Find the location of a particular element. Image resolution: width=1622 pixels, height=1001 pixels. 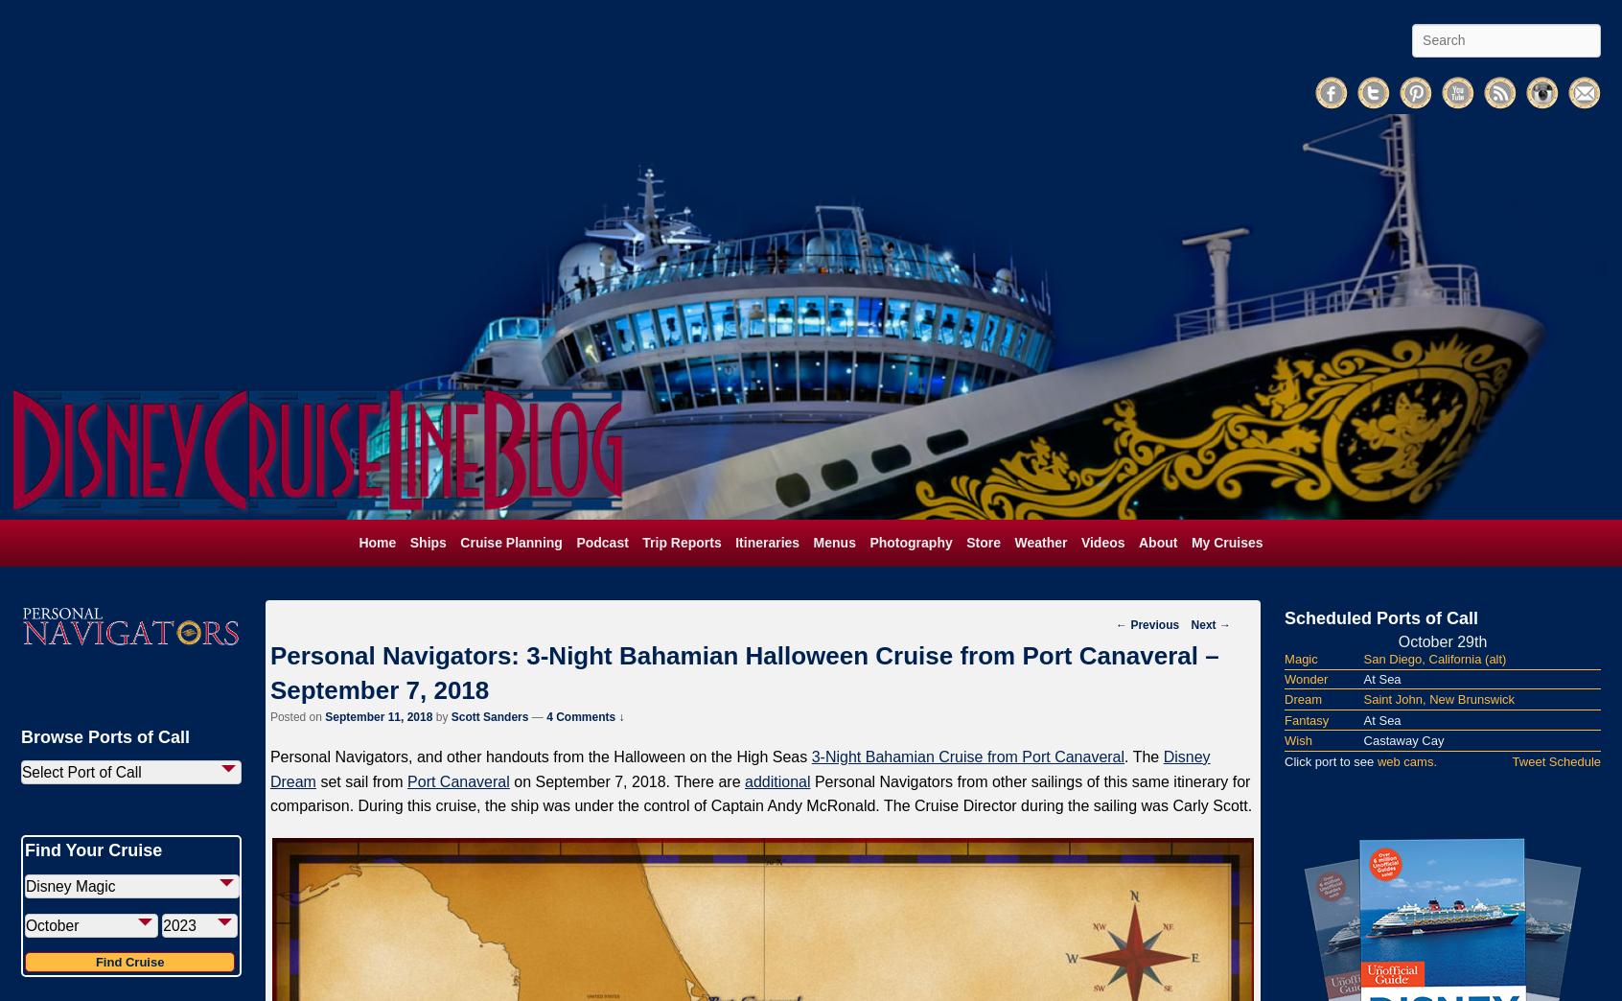

'Photography' is located at coordinates (911, 541).